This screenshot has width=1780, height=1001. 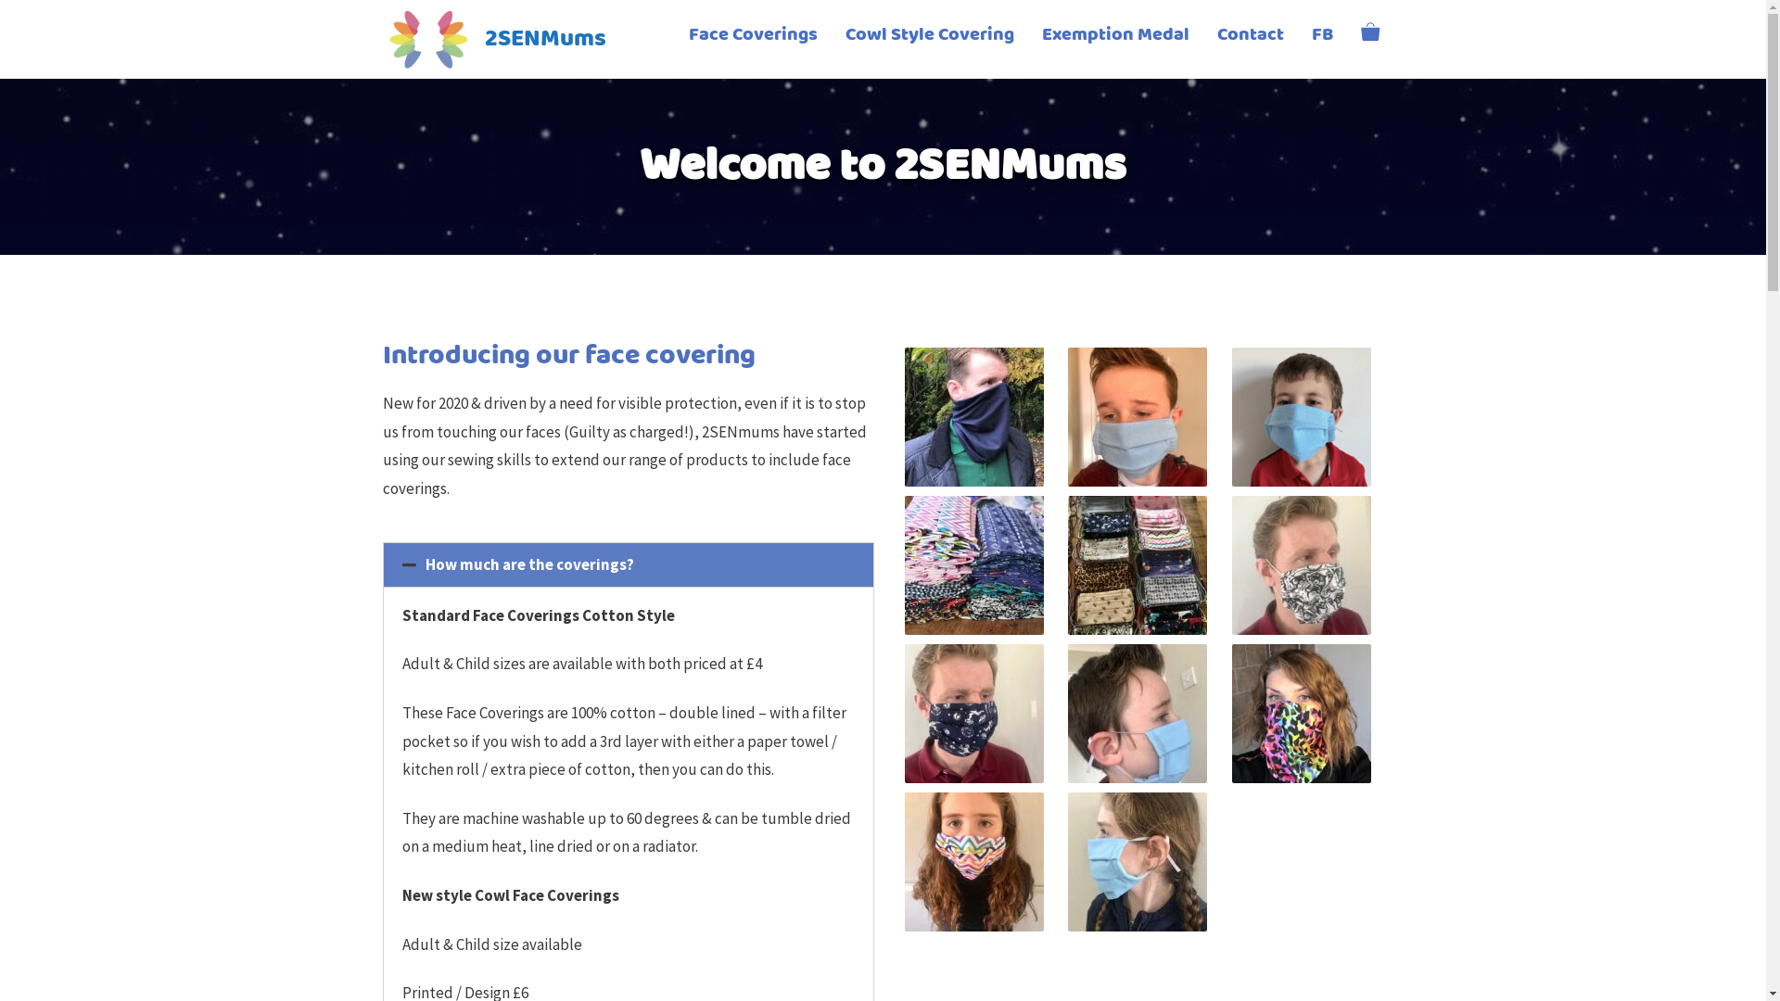 What do you see at coordinates (830, 35) in the screenshot?
I see `'Cowl Style Covering'` at bounding box center [830, 35].